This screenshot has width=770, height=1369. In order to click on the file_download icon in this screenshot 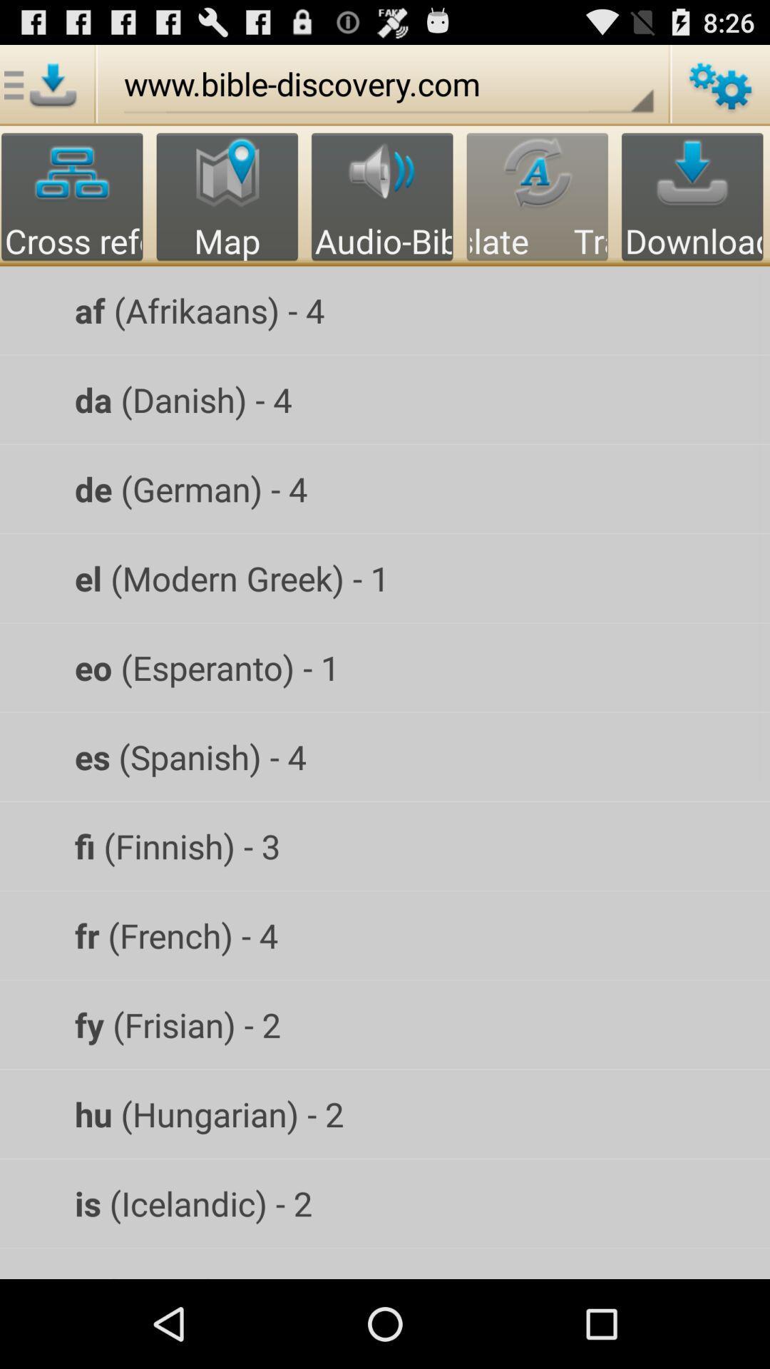, I will do `click(43, 91)`.